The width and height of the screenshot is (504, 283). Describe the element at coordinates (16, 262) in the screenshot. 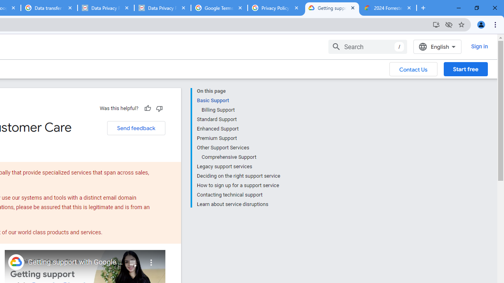

I see `'Photo image of Google Cloud Tech'` at that location.